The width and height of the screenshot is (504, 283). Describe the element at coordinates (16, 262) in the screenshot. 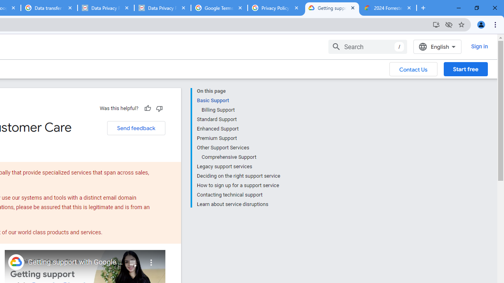

I see `'Photo image of Google Cloud Tech'` at that location.